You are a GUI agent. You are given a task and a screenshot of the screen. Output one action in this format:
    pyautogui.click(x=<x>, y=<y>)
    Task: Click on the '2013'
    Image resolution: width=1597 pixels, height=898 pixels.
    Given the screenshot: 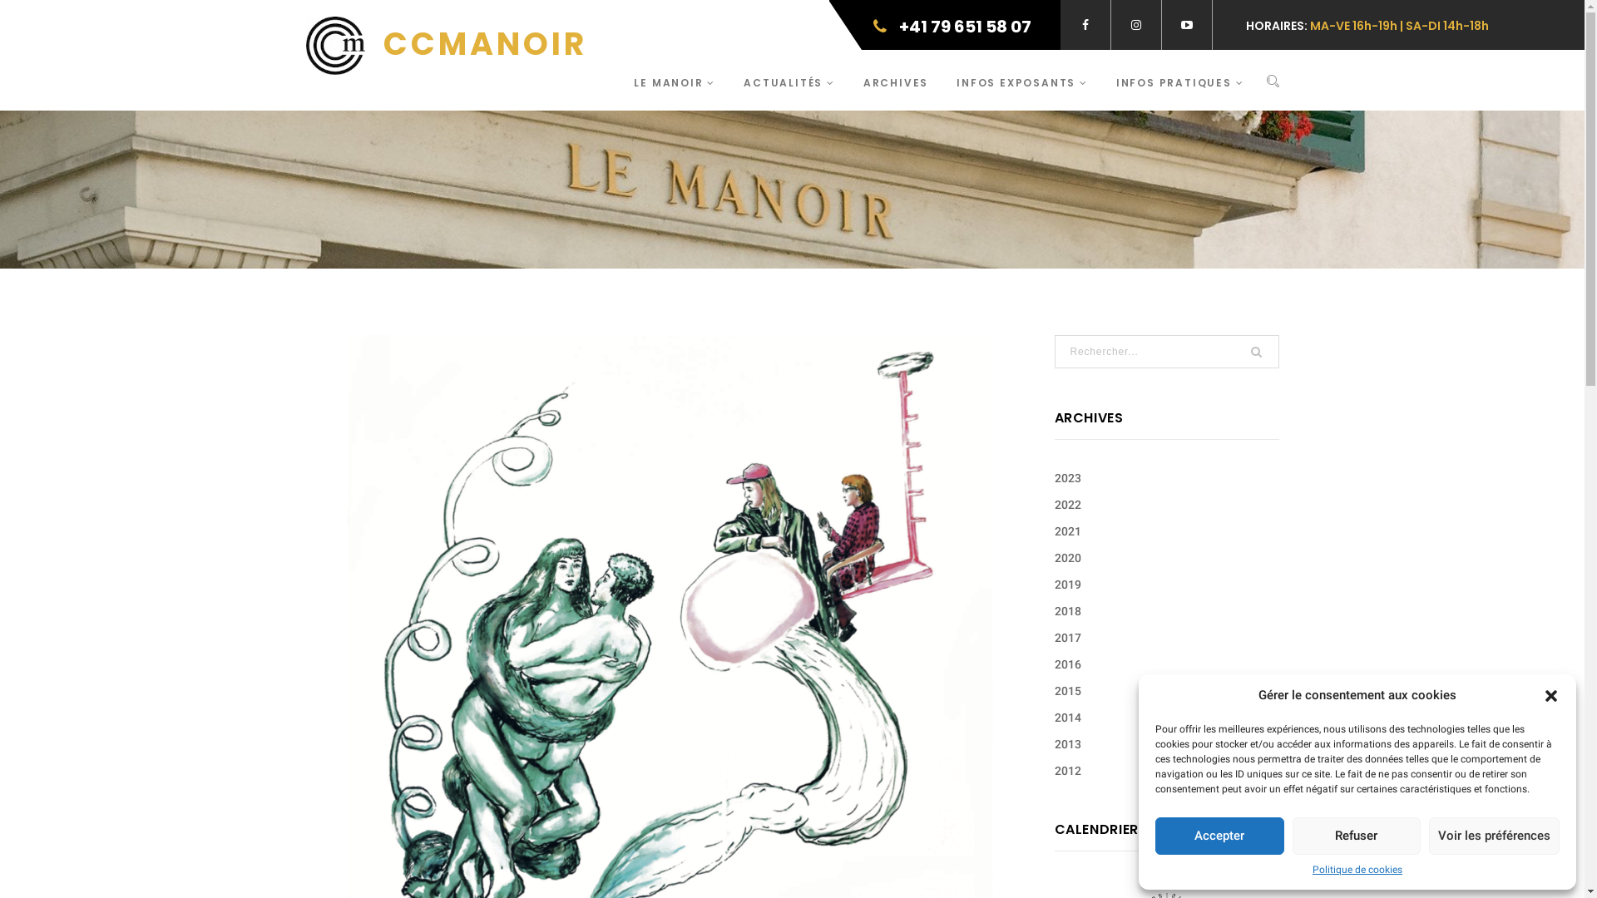 What is the action you would take?
    pyautogui.click(x=1067, y=743)
    